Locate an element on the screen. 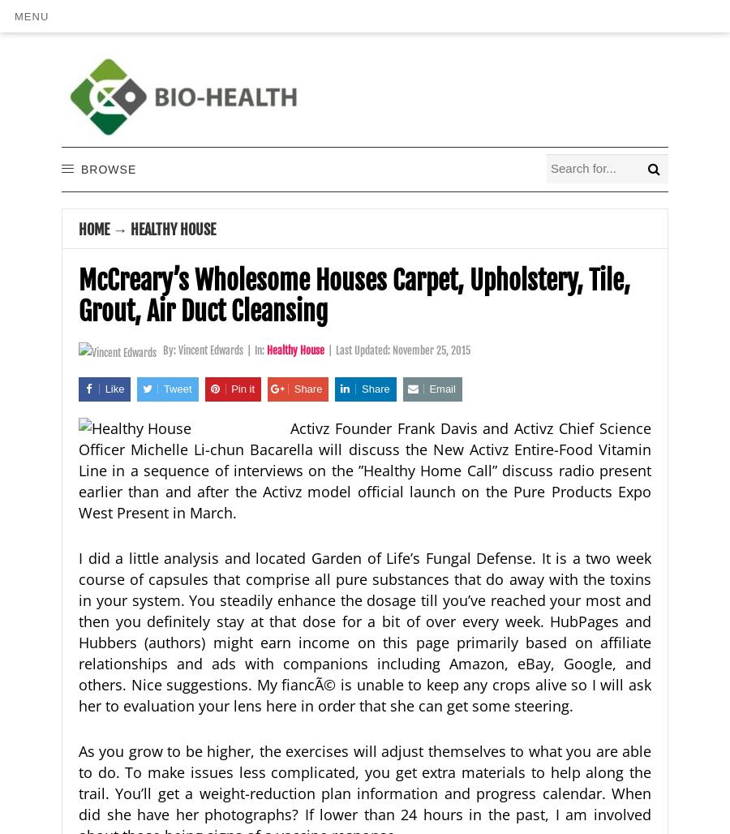  'Pin it' is located at coordinates (242, 387).